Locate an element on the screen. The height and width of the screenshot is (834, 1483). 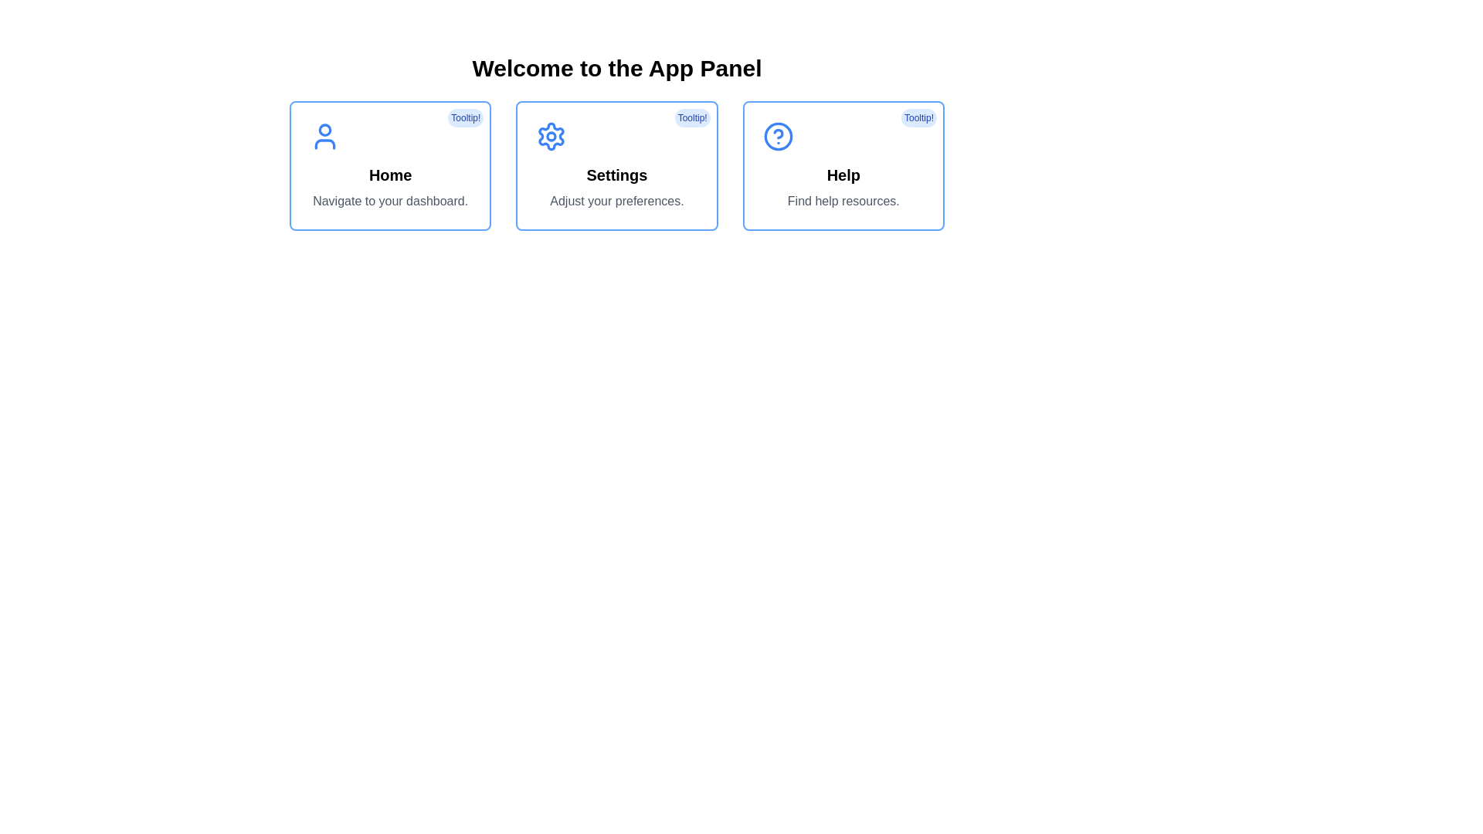
the first interactive card located at the top-left of the grid layout is located at coordinates (390, 166).